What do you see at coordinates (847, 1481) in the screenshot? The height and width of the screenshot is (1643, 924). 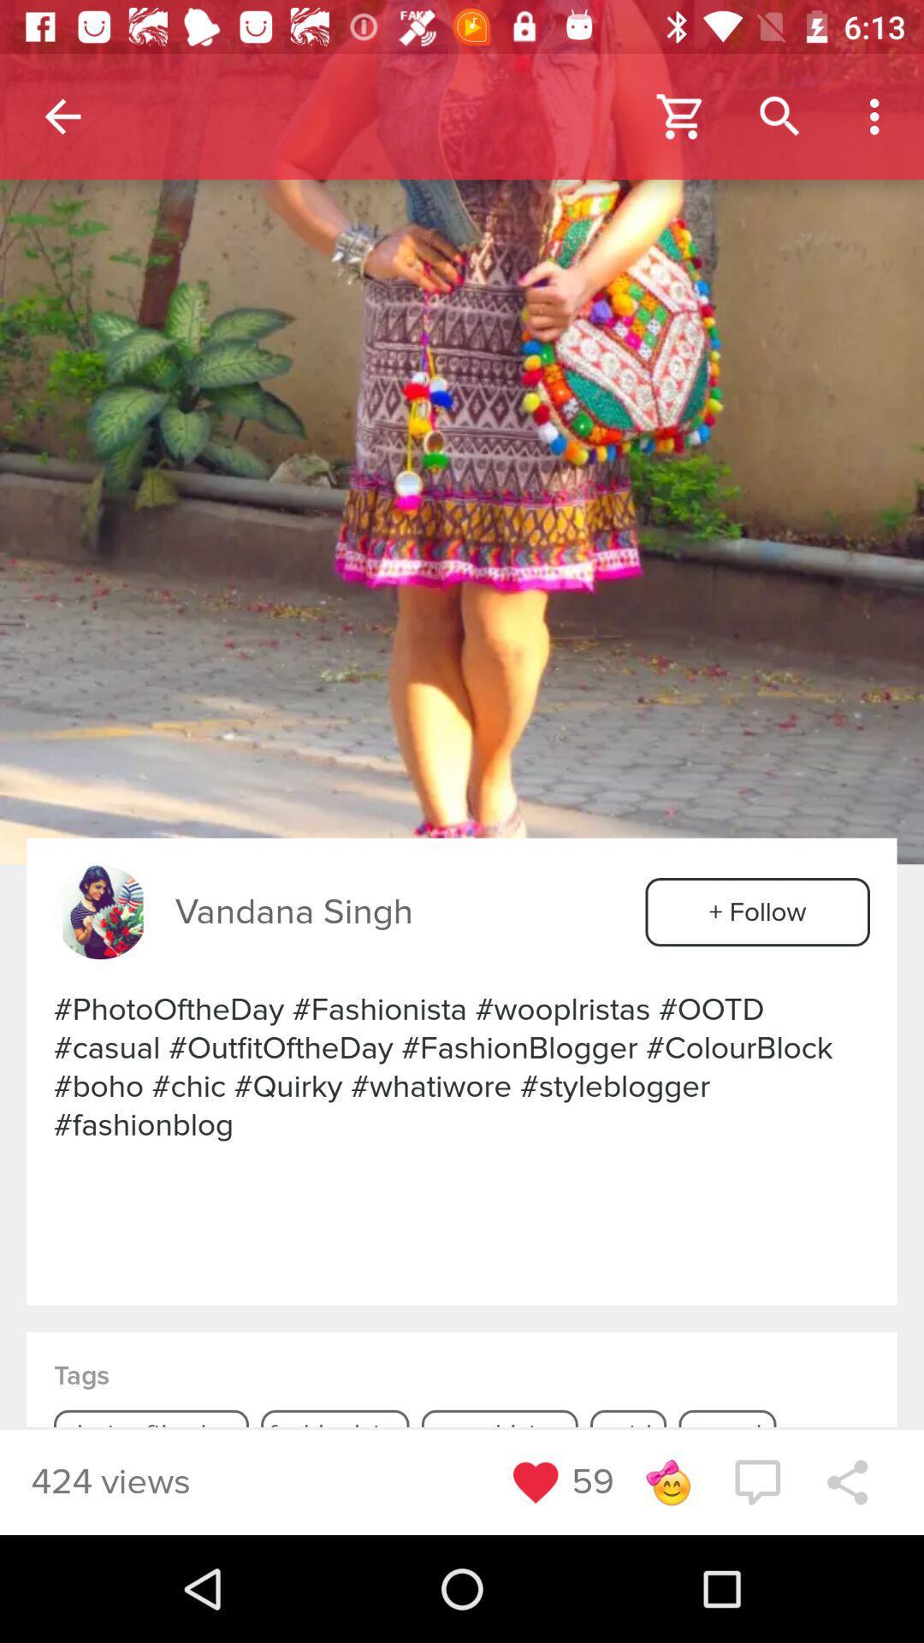 I see `the share icon` at bounding box center [847, 1481].